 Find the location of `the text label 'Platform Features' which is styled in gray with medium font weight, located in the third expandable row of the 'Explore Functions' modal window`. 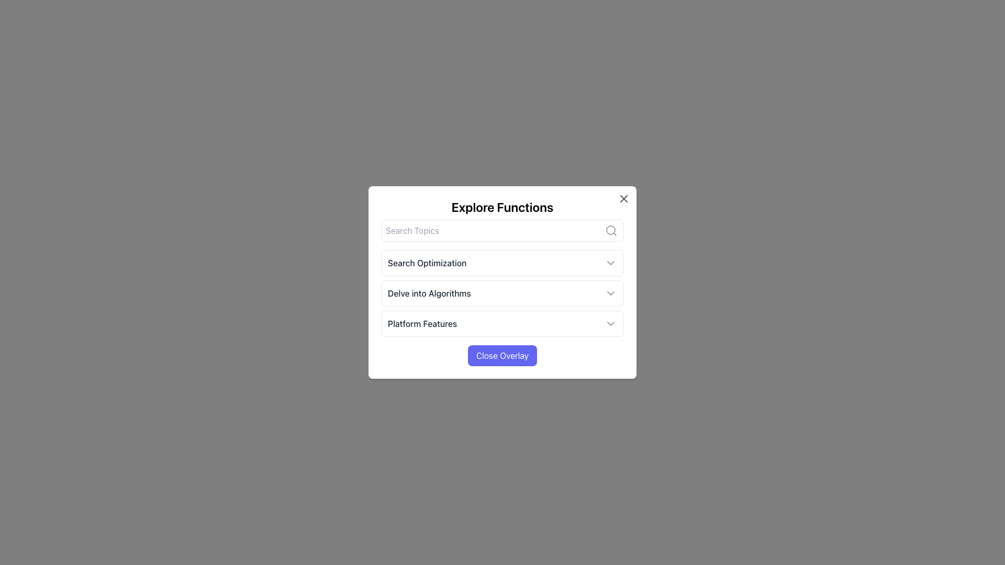

the text label 'Platform Features' which is styled in gray with medium font weight, located in the third expandable row of the 'Explore Functions' modal window is located at coordinates (422, 323).